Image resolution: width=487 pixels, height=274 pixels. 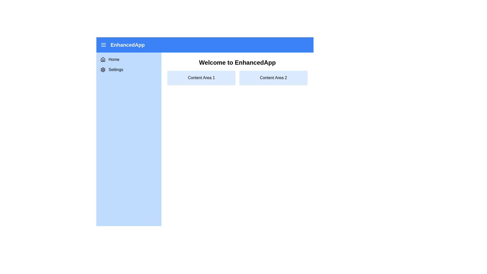 What do you see at coordinates (114, 59) in the screenshot?
I see `'Home' navigation text label in the left-side navigation panel, which is the first text entry below the application header and adjacent to the house icon` at bounding box center [114, 59].